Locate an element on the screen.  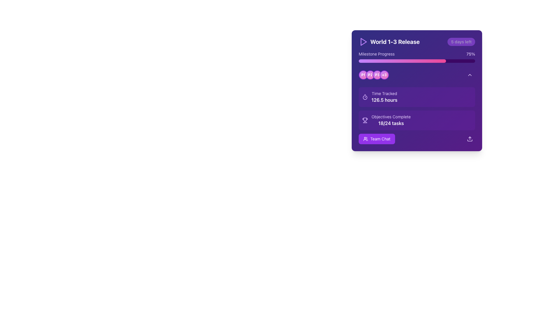
the label element that describes the numeric data displayed below it, which is positioned above the text '126.5 hours' within the purple card interface is located at coordinates (384, 93).